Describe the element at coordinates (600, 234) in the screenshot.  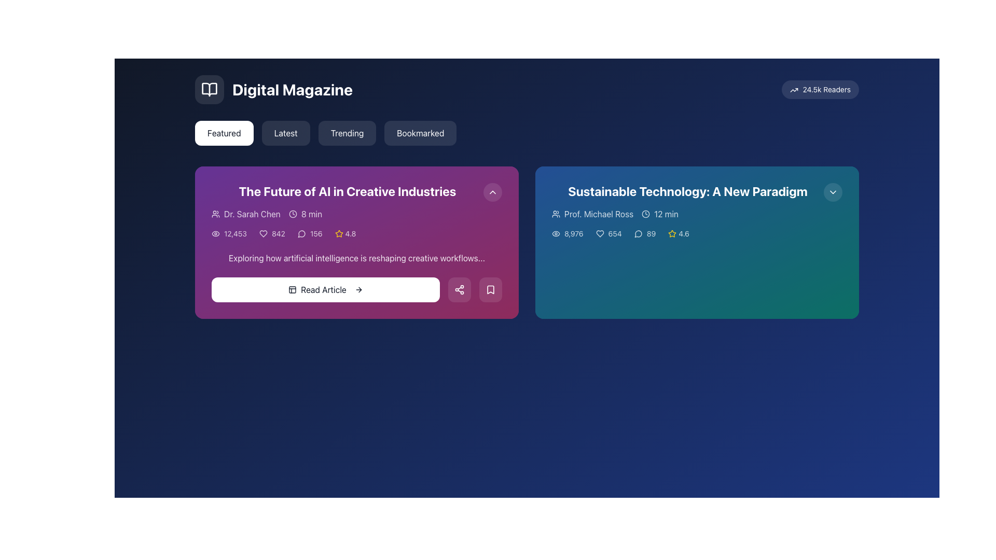
I see `the heart icon located to the left of the numeric value '654' under the article summary of 'Sustainable Technology: A New Paradigm'` at that location.